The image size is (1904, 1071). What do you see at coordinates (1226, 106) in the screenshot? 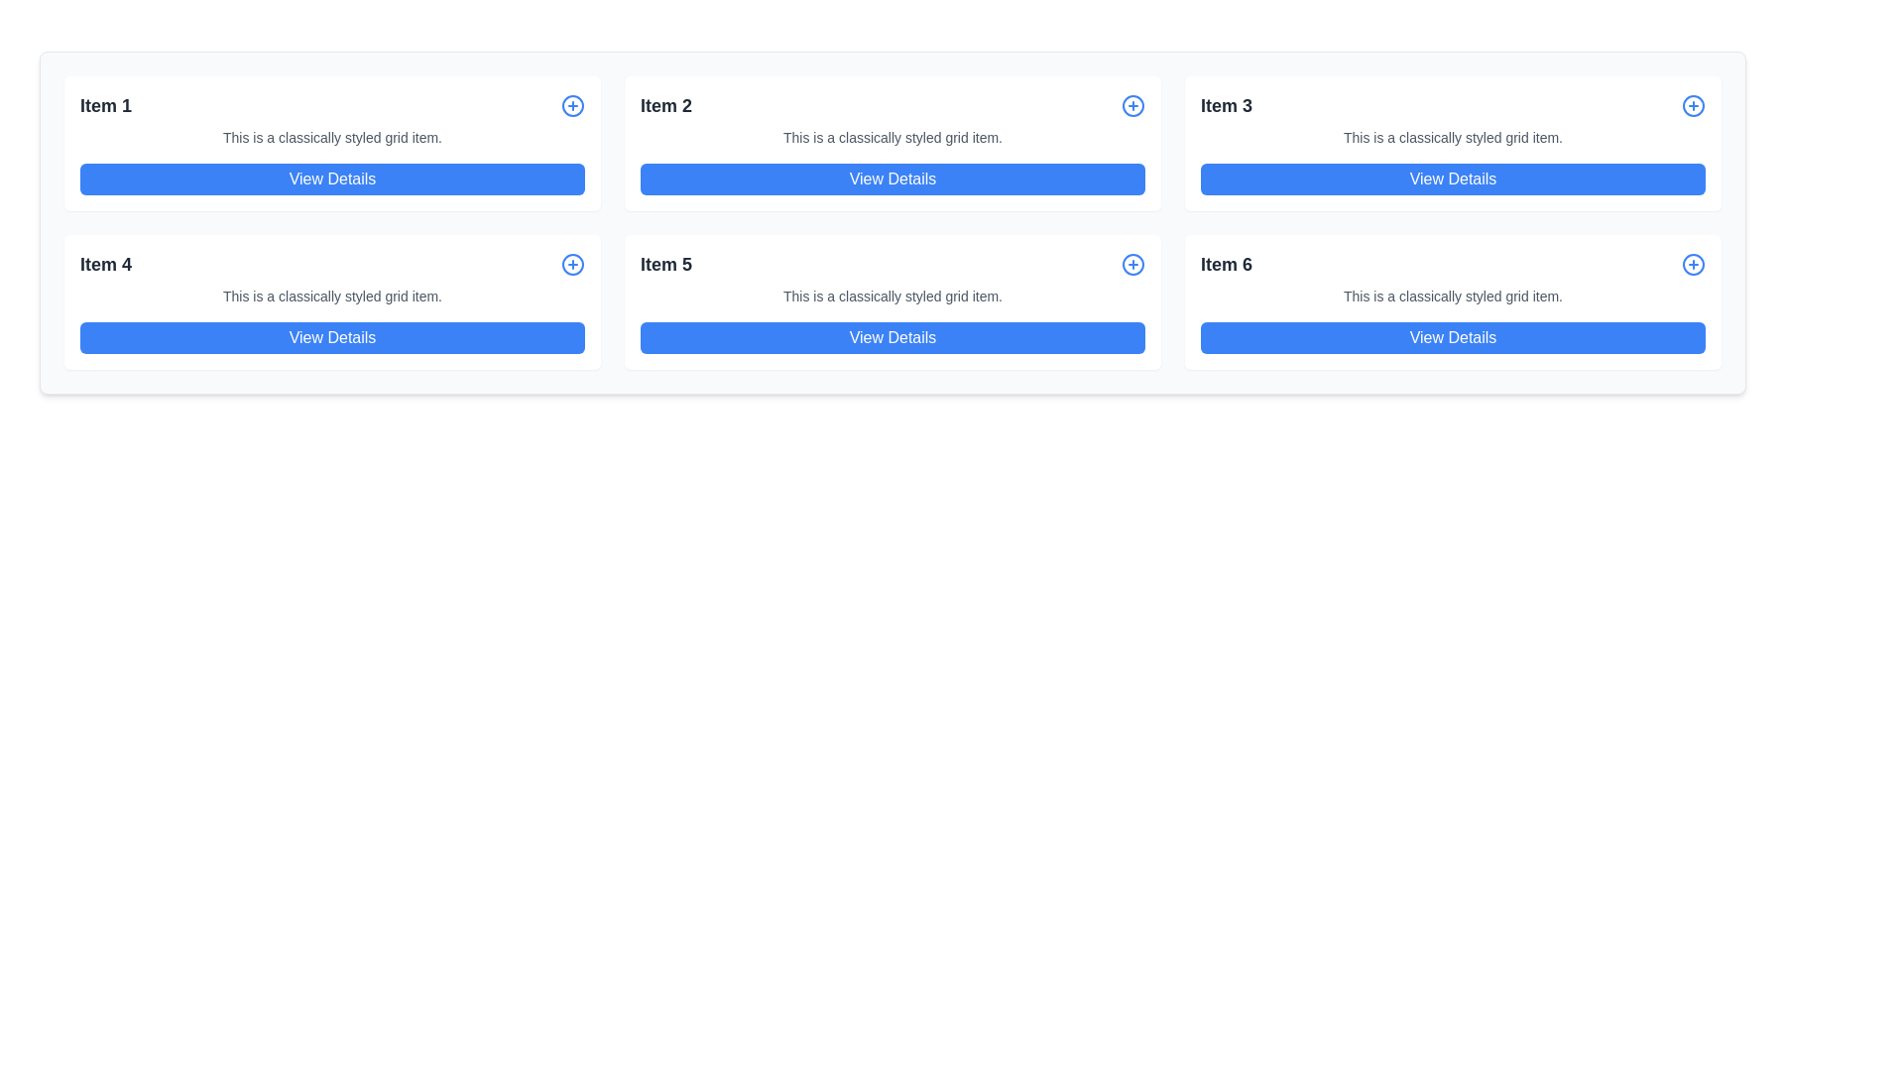
I see `the Text Label that identifies 'Item 3', located as the leftmost element in a horizontal layout with a heading, description, and action button` at bounding box center [1226, 106].